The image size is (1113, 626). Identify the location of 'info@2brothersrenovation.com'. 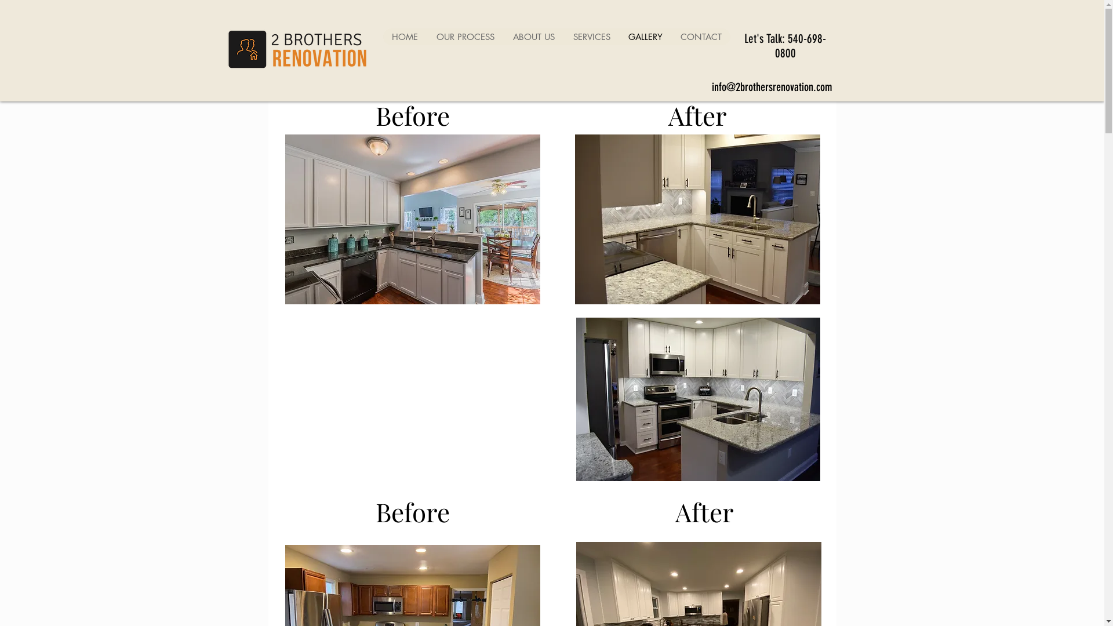
(711, 86).